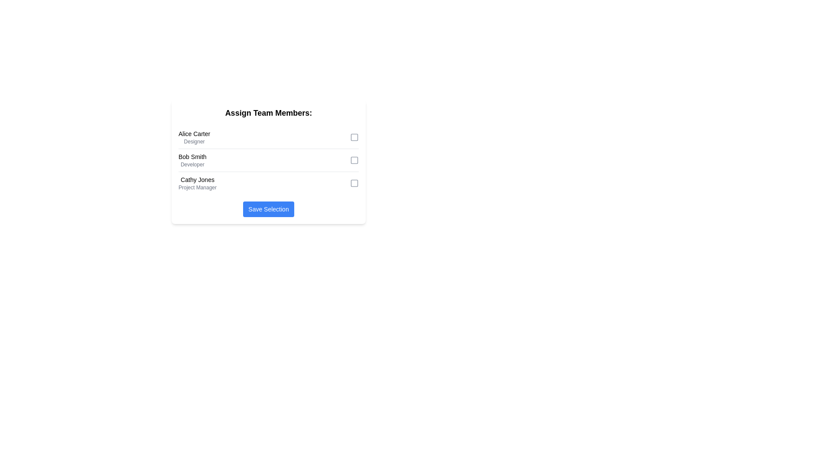  What do you see at coordinates (194, 141) in the screenshot?
I see `the text label displaying 'Designer' which is located beneath 'Alice Carter' in the first team member card` at bounding box center [194, 141].